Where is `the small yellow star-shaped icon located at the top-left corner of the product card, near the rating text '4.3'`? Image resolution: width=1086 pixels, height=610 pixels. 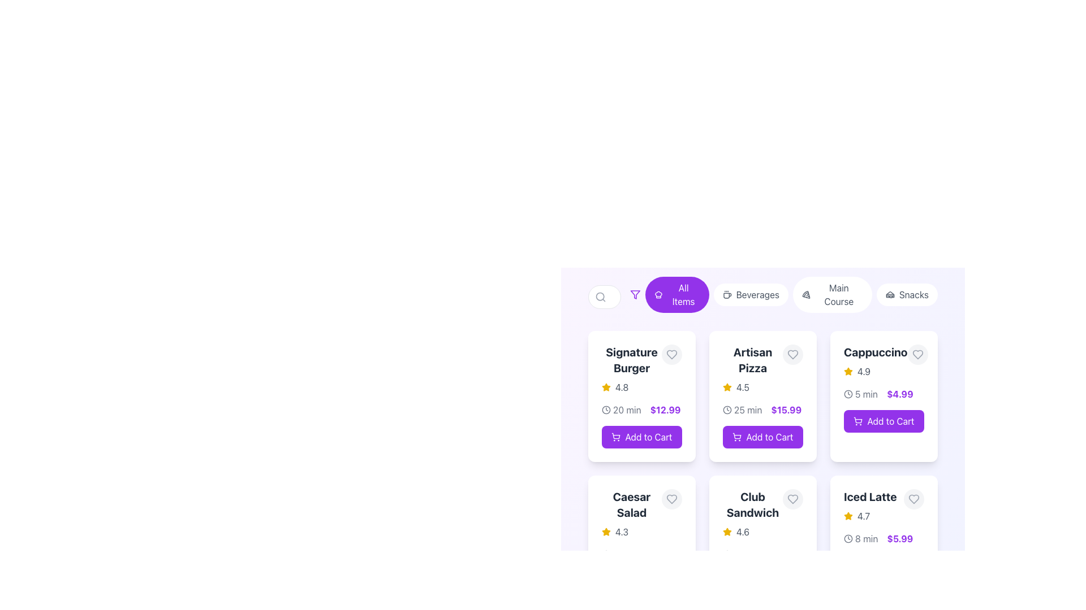
the small yellow star-shaped icon located at the top-left corner of the product card, near the rating text '4.3' is located at coordinates (605, 531).